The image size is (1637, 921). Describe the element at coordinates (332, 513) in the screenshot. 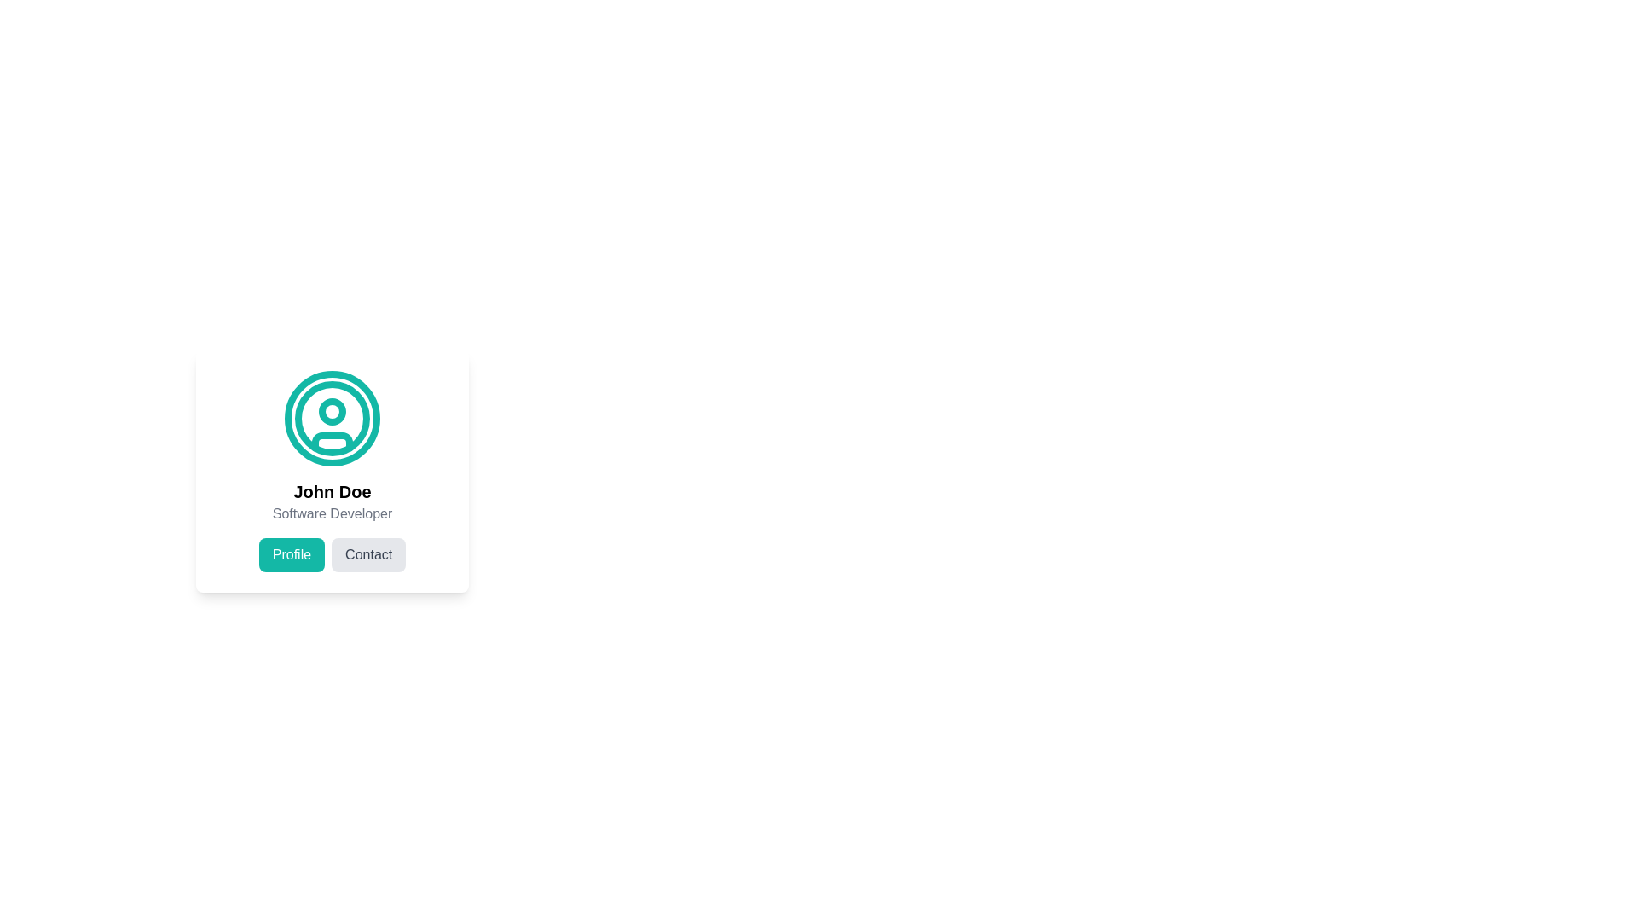

I see `the Static Text displaying 'Software Developer' which is positioned below the bold 'John Doe' text within the profile card layout` at that location.